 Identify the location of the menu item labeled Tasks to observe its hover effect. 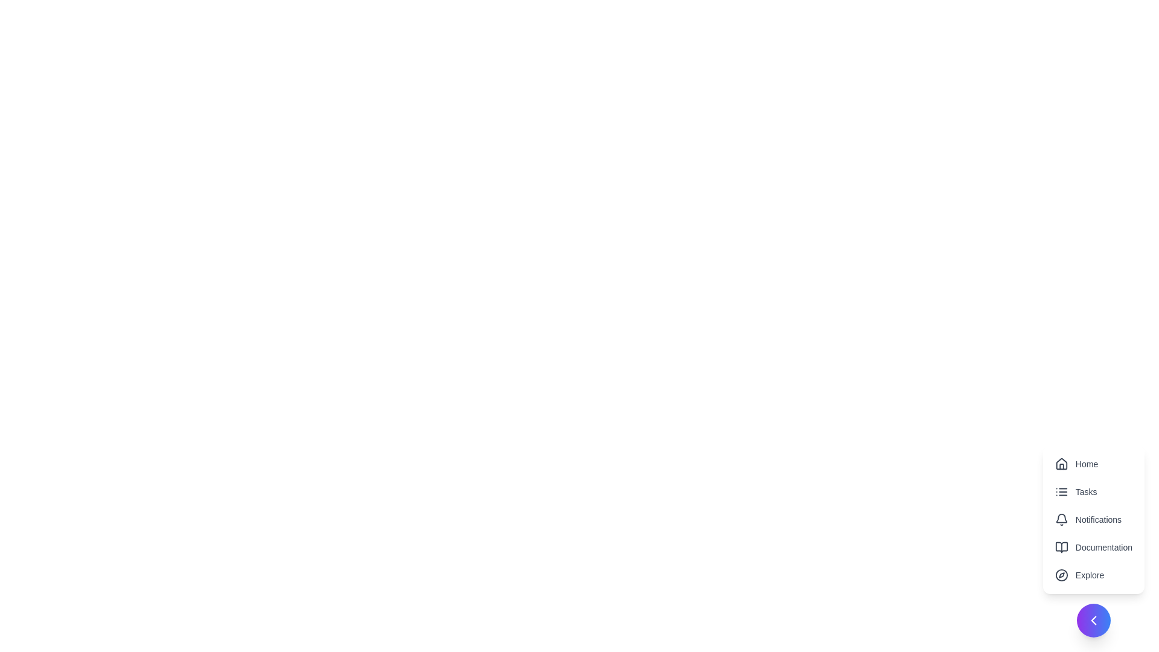
(1093, 491).